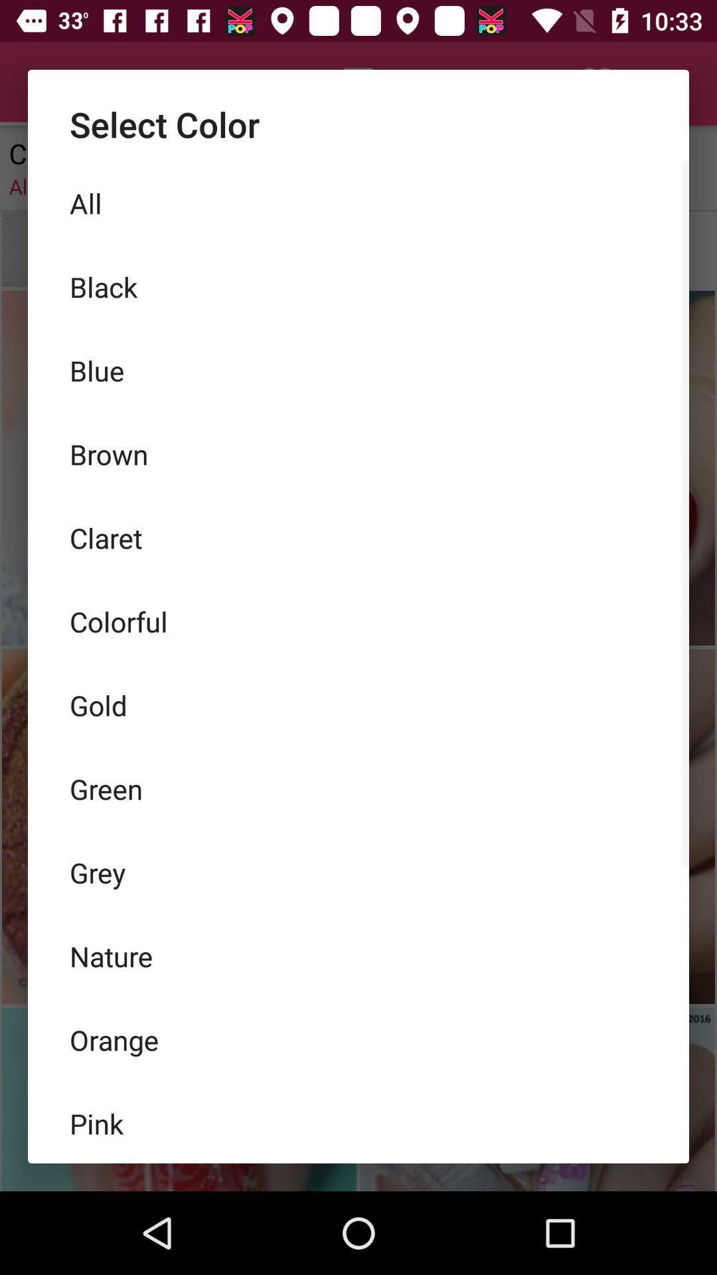 The height and width of the screenshot is (1275, 717). What do you see at coordinates (358, 538) in the screenshot?
I see `the item above colorful` at bounding box center [358, 538].